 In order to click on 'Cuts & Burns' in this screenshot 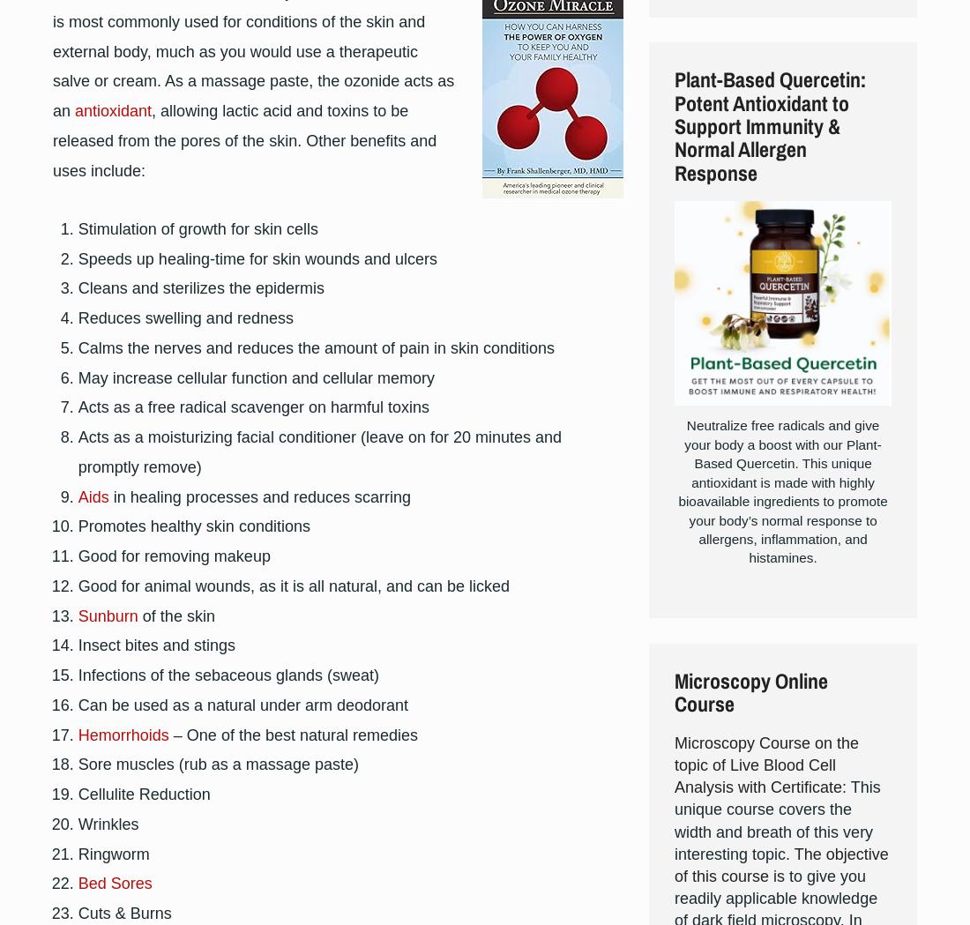, I will do `click(78, 913)`.